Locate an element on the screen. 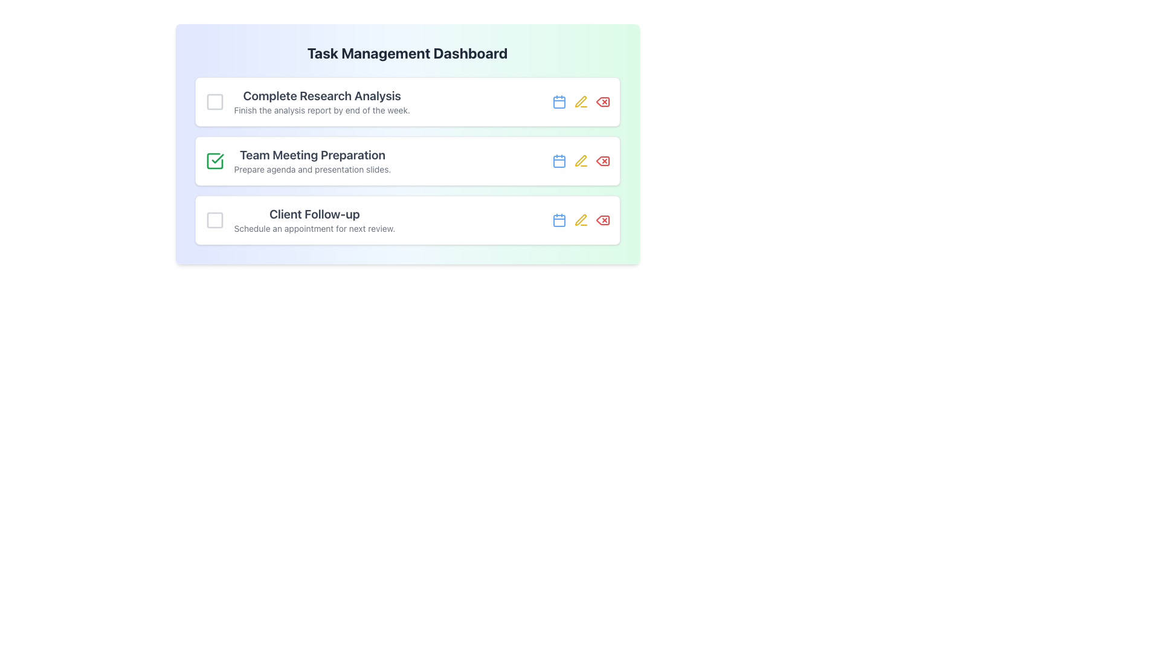 Image resolution: width=1160 pixels, height=652 pixels. the graphical rectangle within the SVG calendar icon located in the top-right corner of the 'Complete Research Analysis' task row is located at coordinates (558, 101).